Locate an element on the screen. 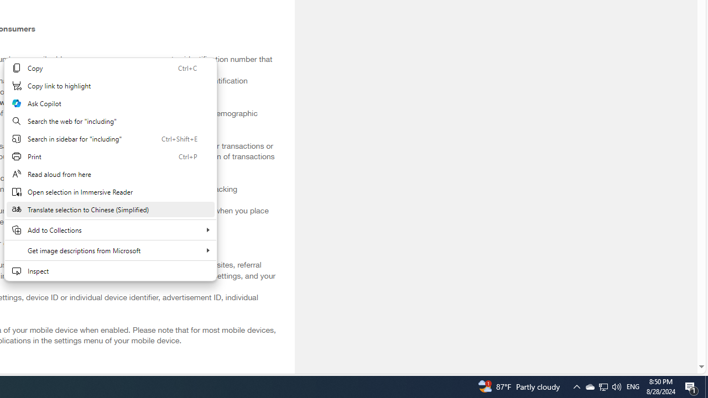 This screenshot has width=708, height=398. 'Ask Copilot' is located at coordinates (110, 103).